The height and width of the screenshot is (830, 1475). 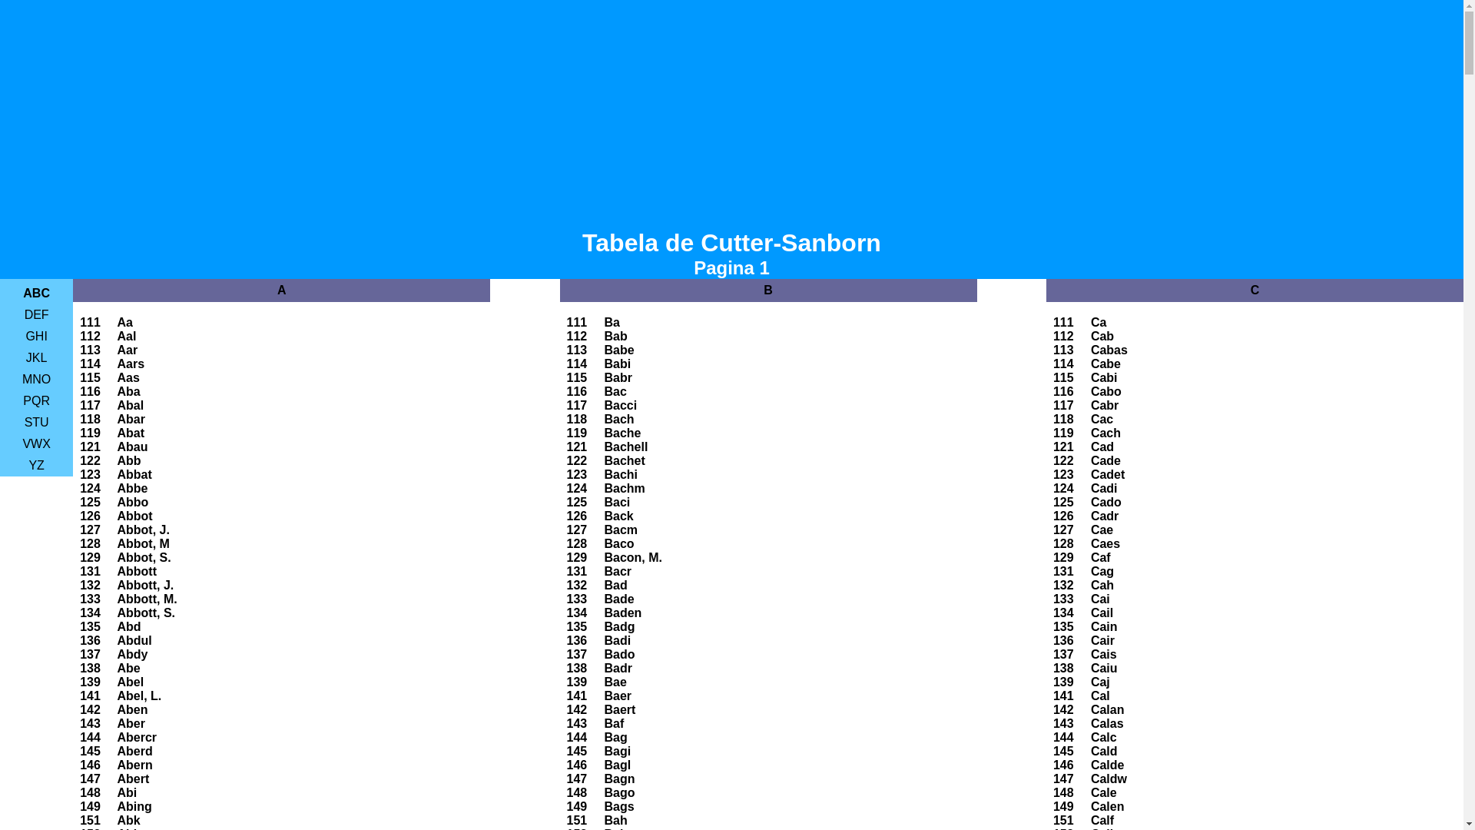 What do you see at coordinates (36, 335) in the screenshot?
I see `'GHI'` at bounding box center [36, 335].